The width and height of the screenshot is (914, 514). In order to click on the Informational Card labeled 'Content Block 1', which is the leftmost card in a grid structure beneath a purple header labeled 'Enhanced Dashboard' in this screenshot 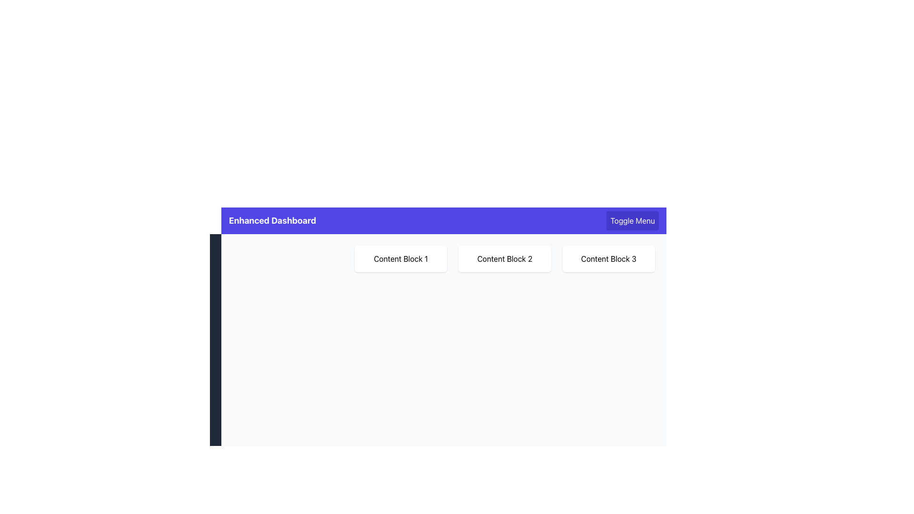, I will do `click(401, 258)`.